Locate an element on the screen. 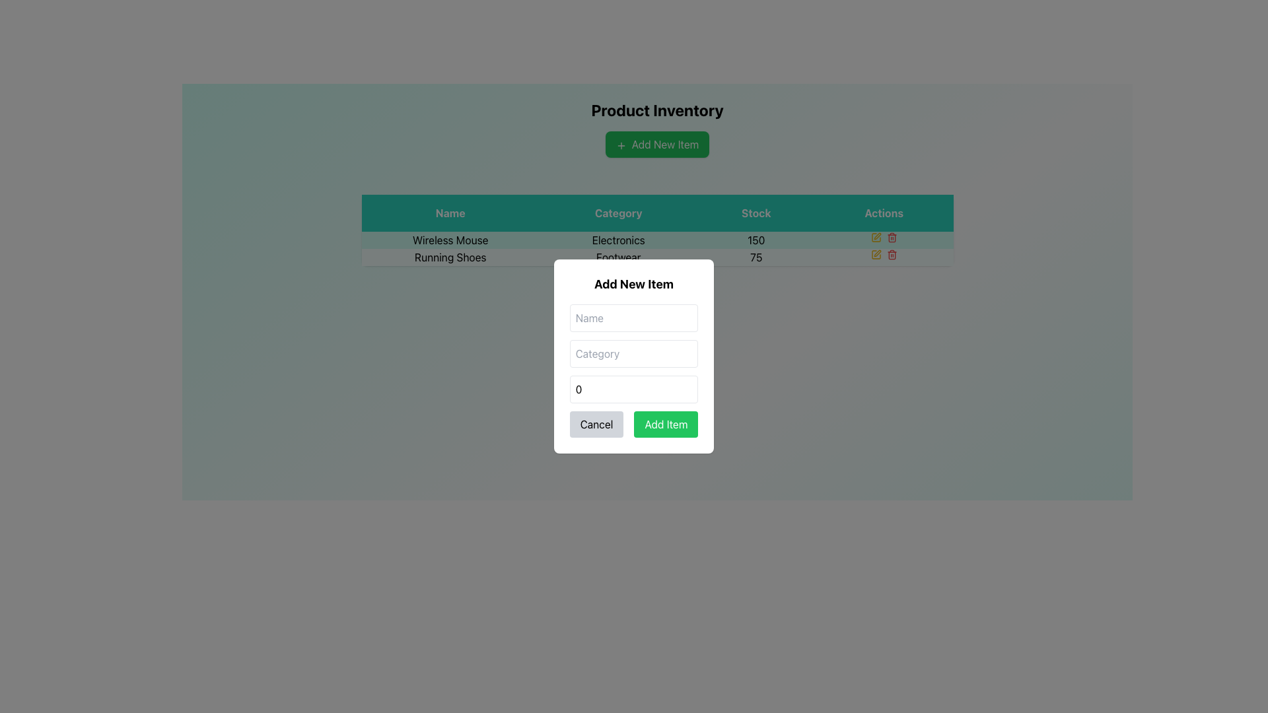 Image resolution: width=1268 pixels, height=713 pixels. the 'Name' header label in the table, which is the first text label in the header row indicating the corresponding entries below is located at coordinates (450, 213).